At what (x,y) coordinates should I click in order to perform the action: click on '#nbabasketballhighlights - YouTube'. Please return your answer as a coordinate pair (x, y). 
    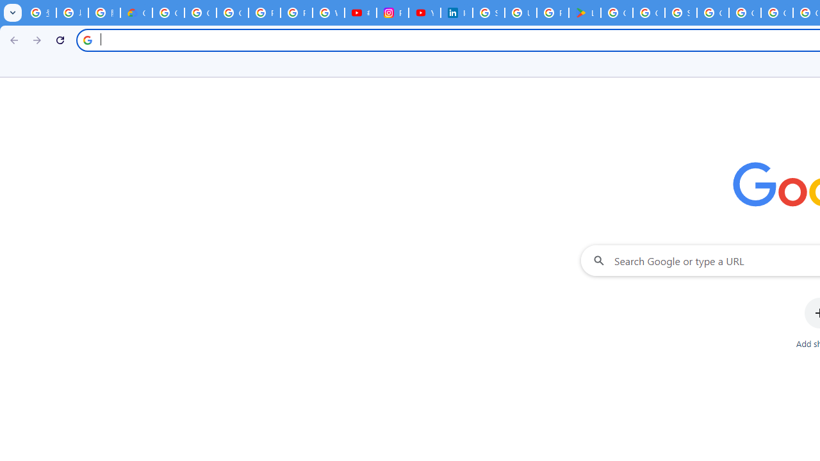
    Looking at the image, I should click on (359, 13).